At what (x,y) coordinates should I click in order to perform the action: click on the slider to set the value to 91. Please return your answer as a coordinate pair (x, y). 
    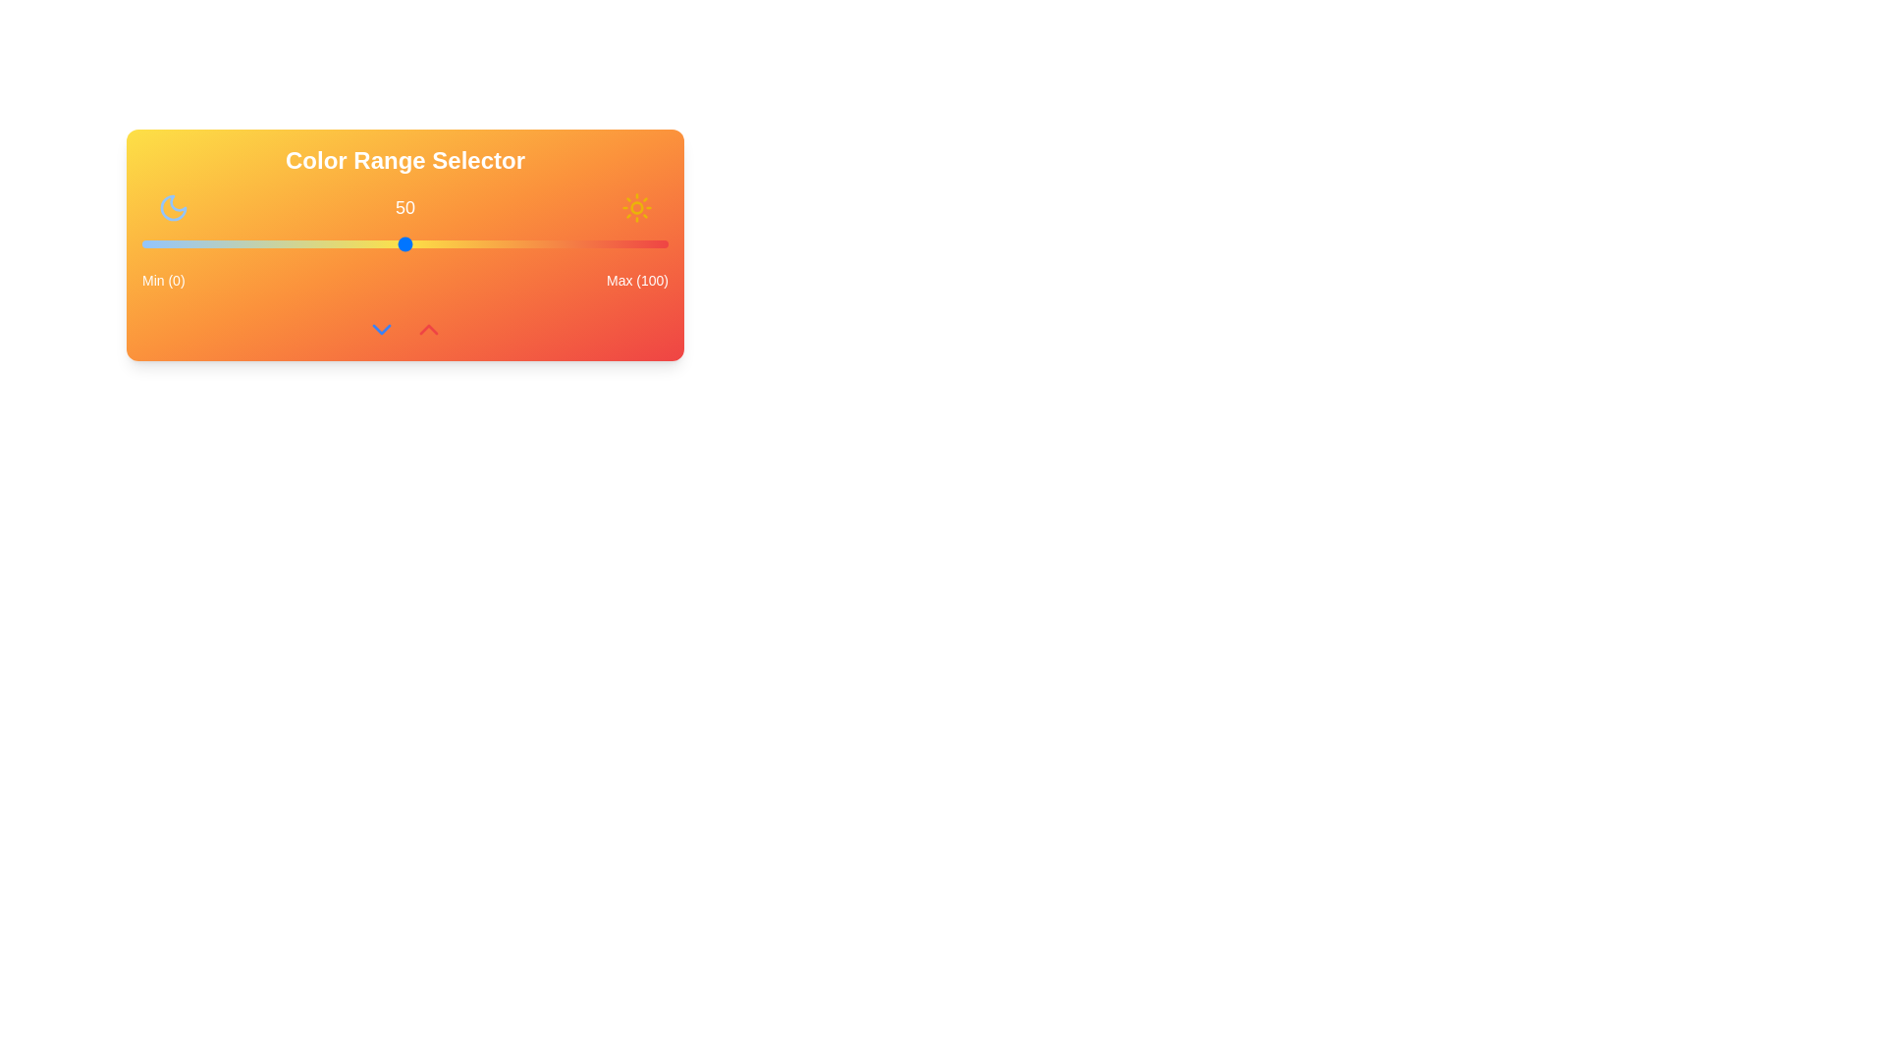
    Looking at the image, I should click on (619, 243).